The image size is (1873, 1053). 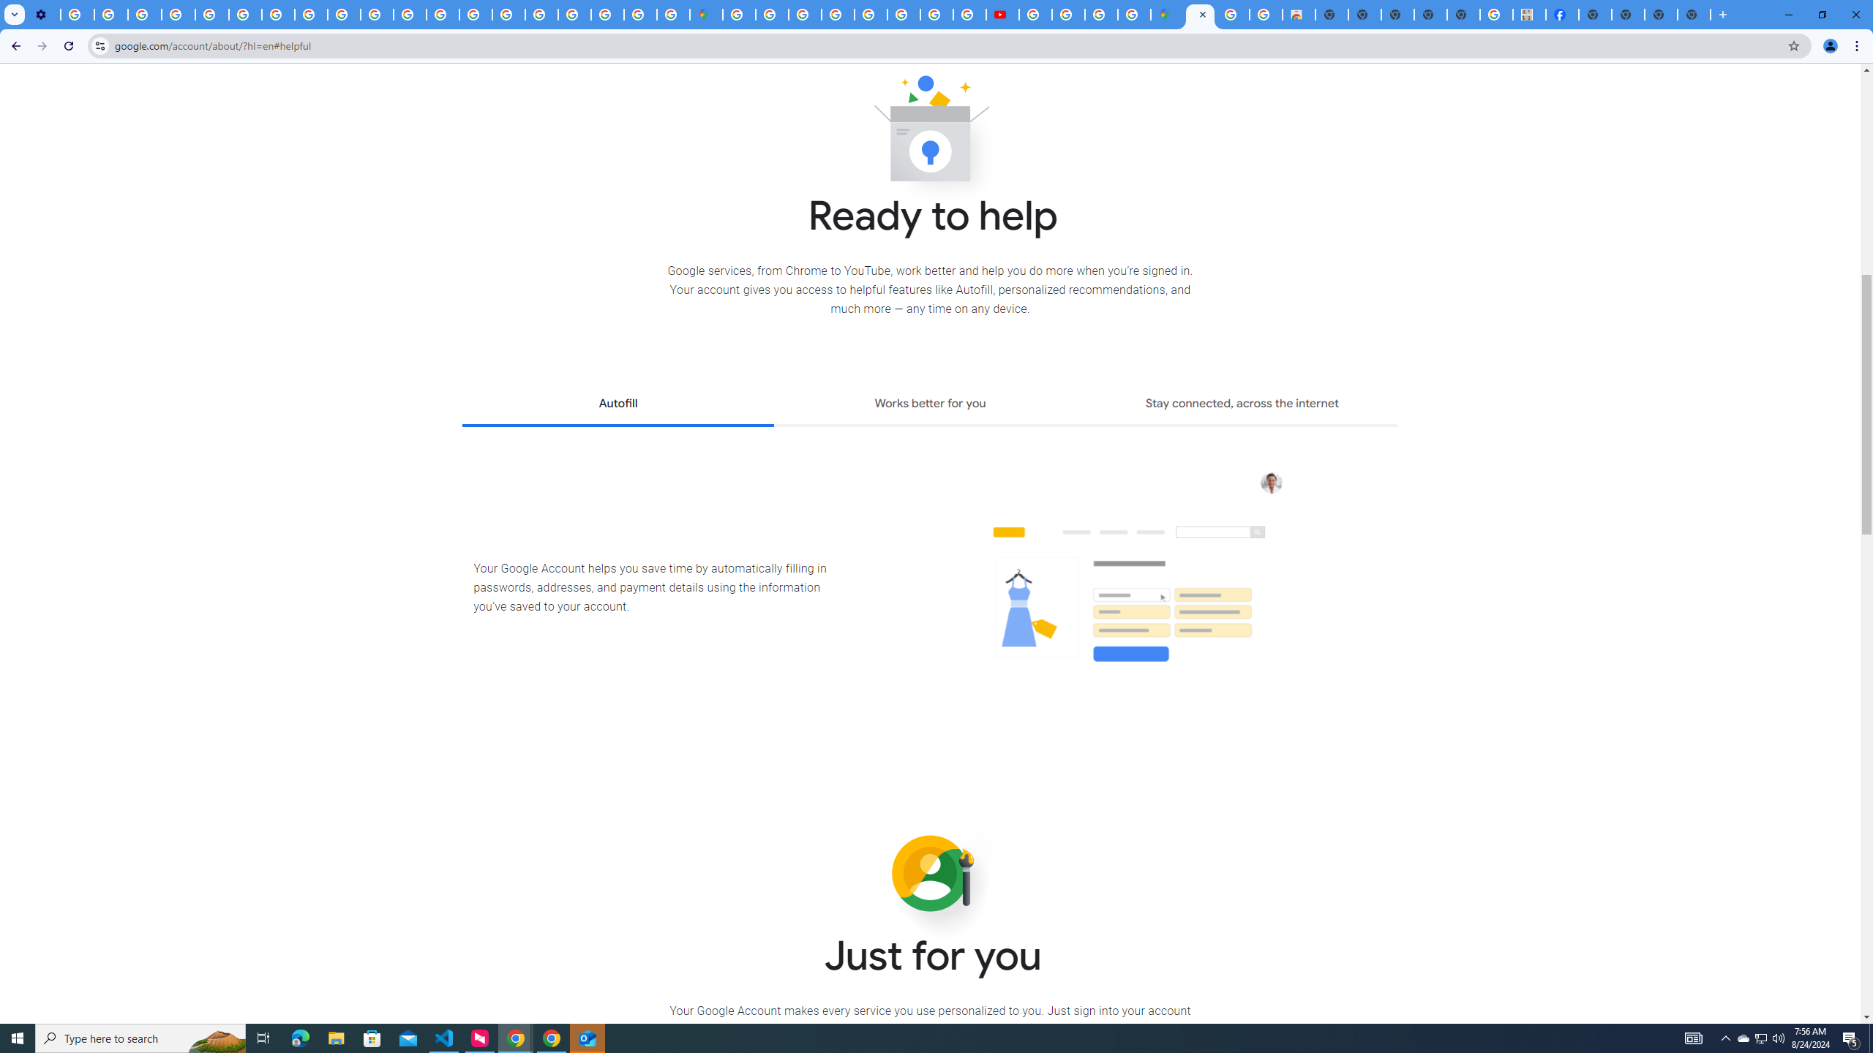 I want to click on 'Sign in - Google Accounts', so click(x=772, y=14).